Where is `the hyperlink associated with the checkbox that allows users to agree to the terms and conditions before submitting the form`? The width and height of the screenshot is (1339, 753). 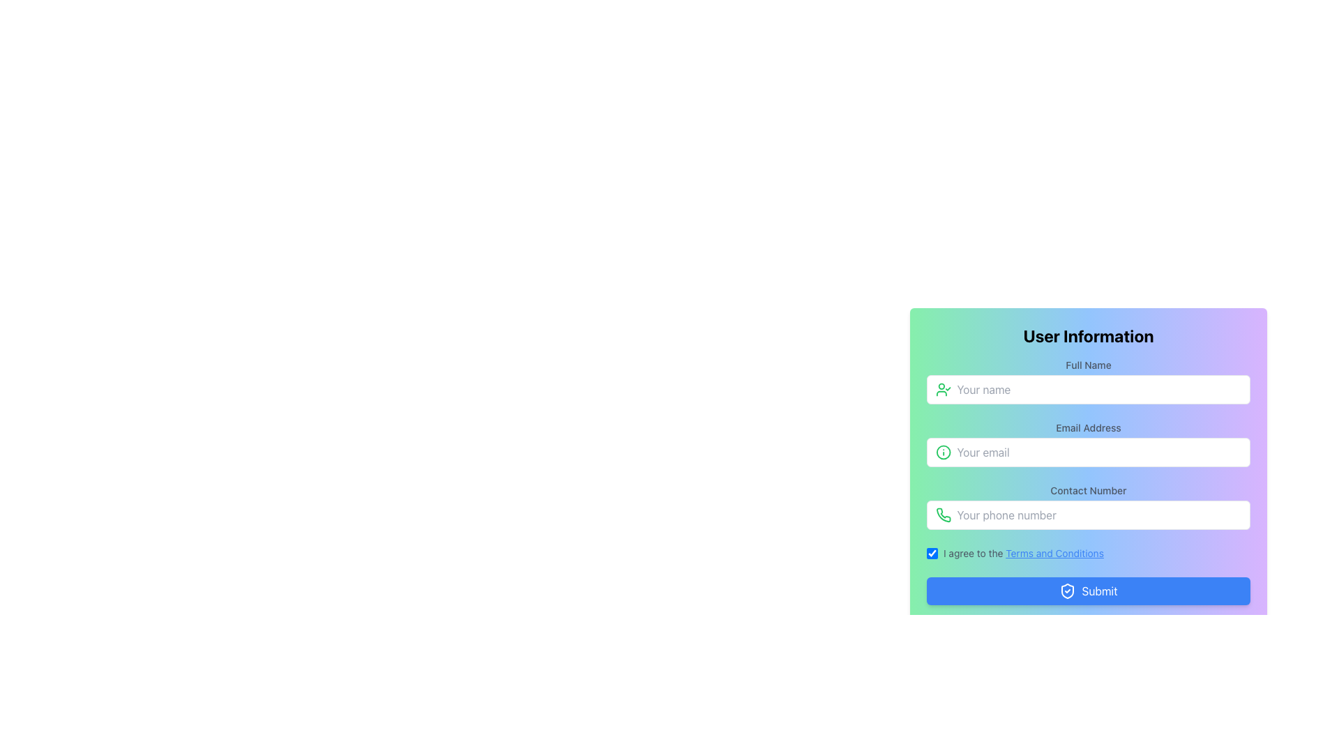 the hyperlink associated with the checkbox that allows users to agree to the terms and conditions before submitting the form is located at coordinates (1087, 553).